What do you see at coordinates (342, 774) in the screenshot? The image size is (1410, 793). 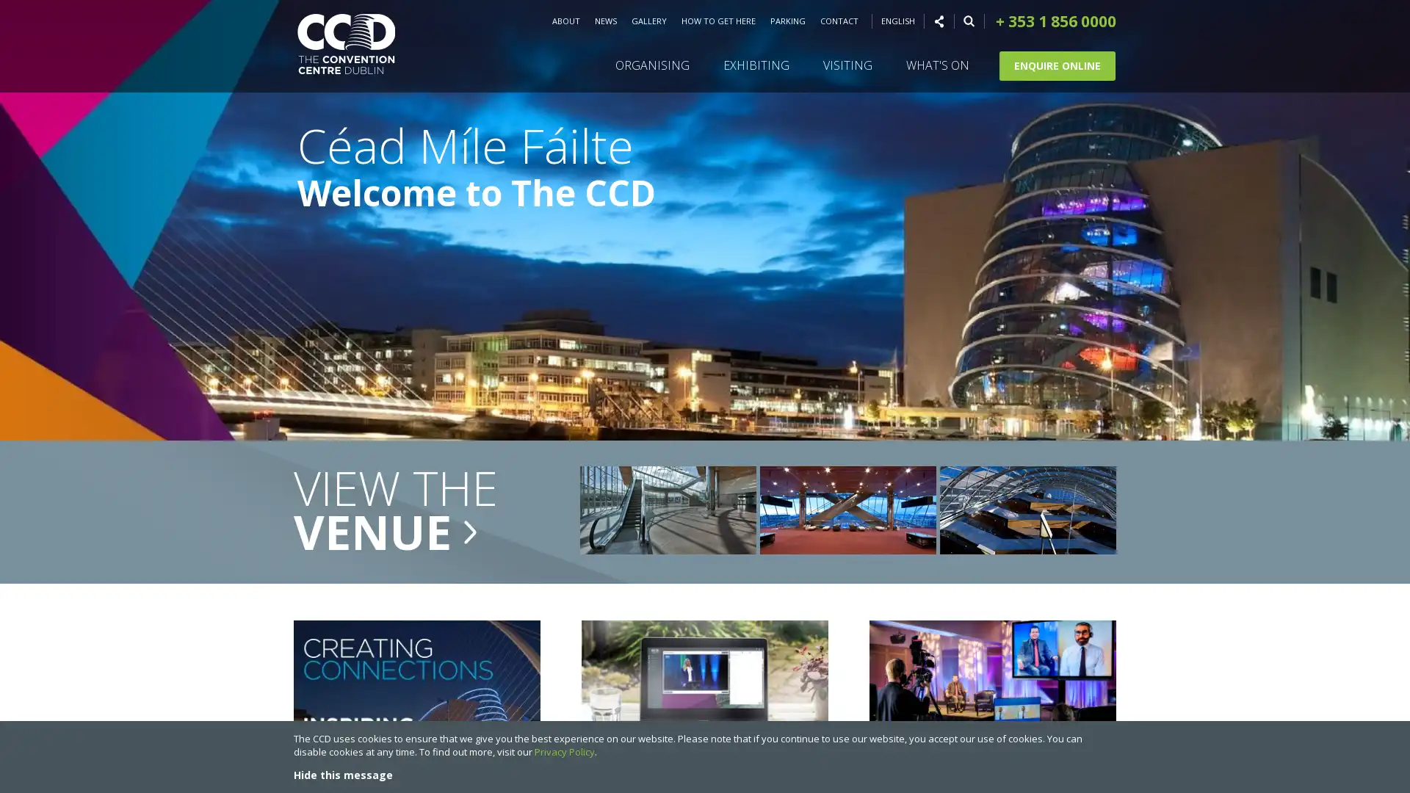 I see `Hide this message` at bounding box center [342, 774].